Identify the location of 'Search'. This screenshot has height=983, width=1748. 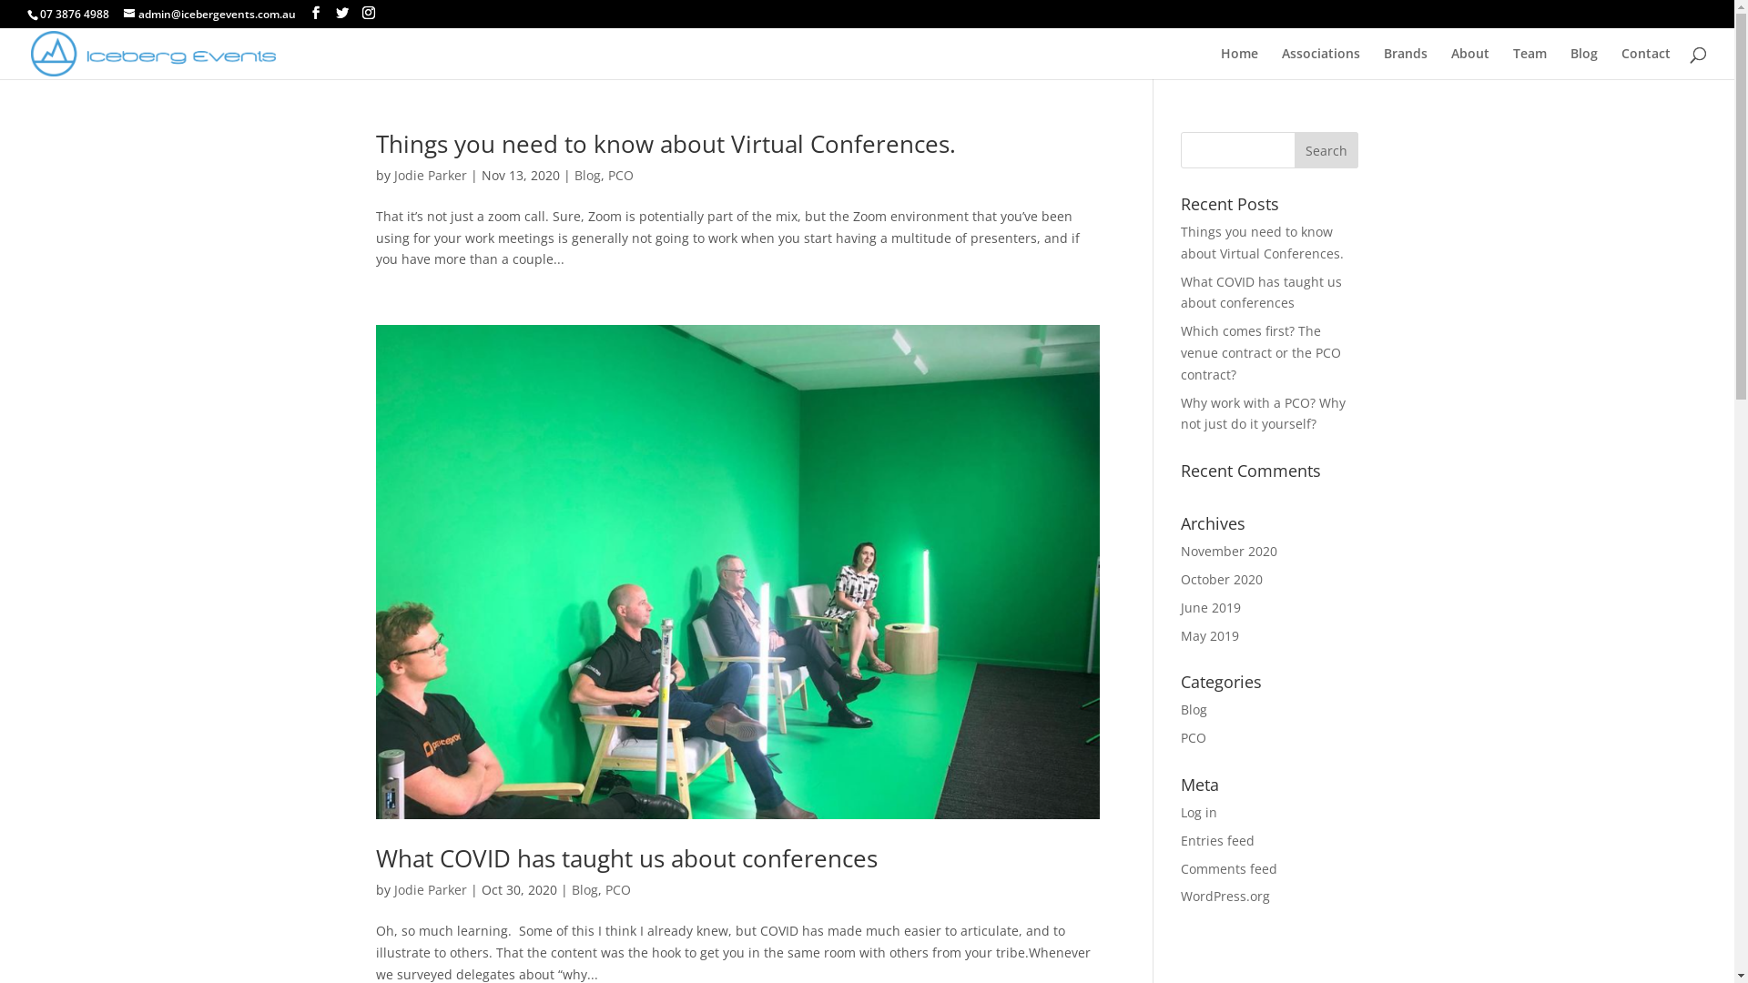
(1326, 149).